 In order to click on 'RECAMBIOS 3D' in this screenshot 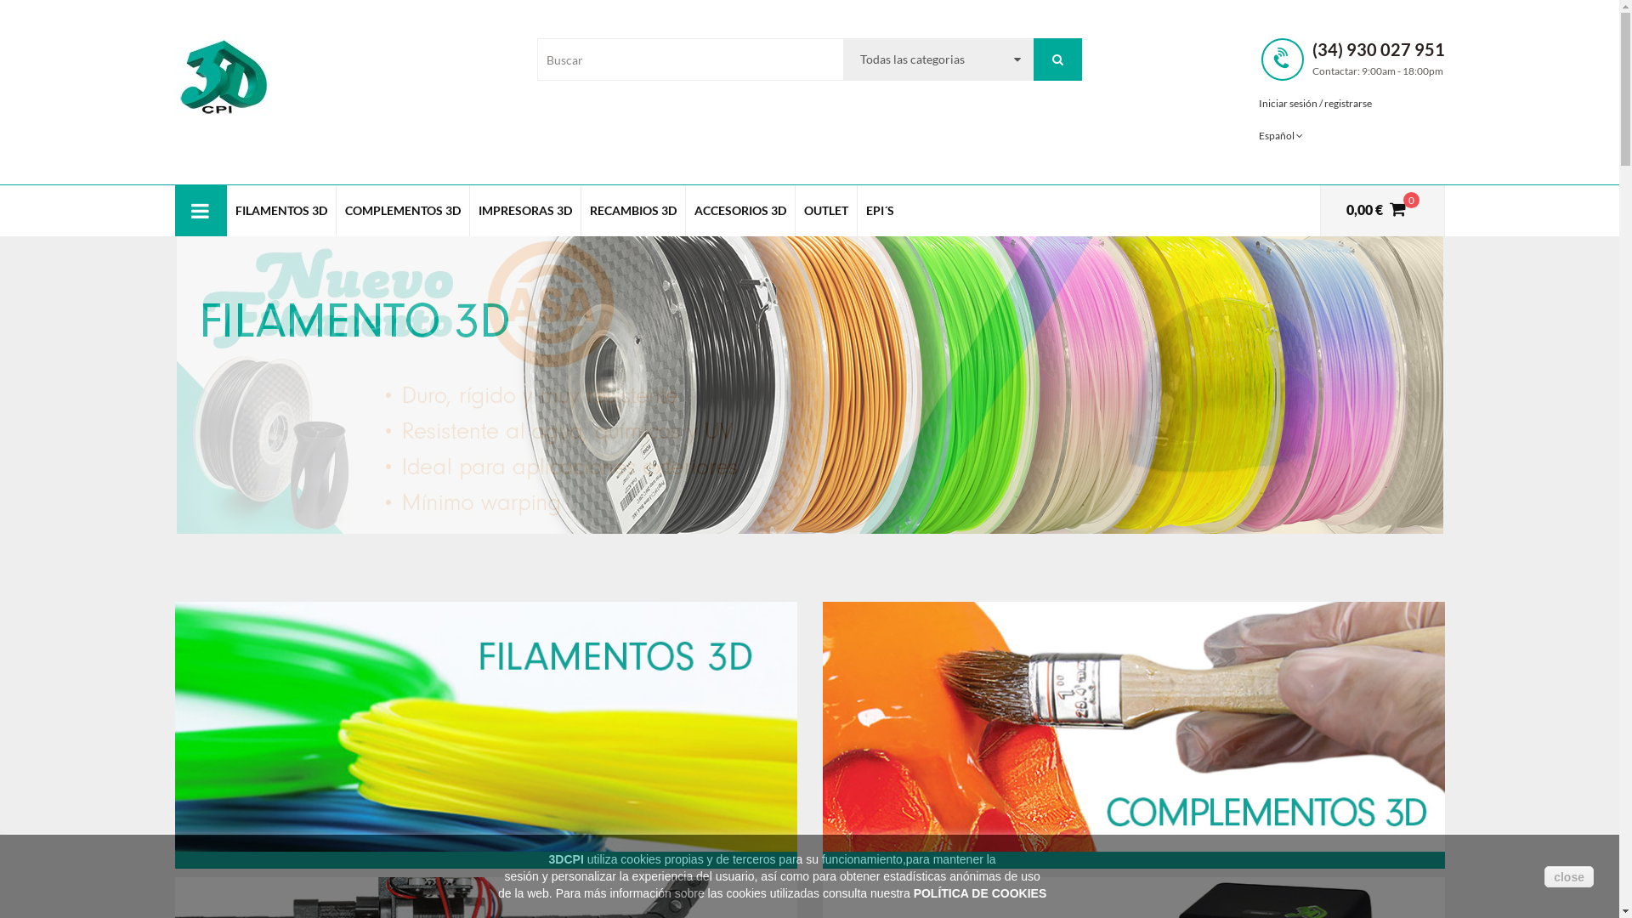, I will do `click(632, 209)`.